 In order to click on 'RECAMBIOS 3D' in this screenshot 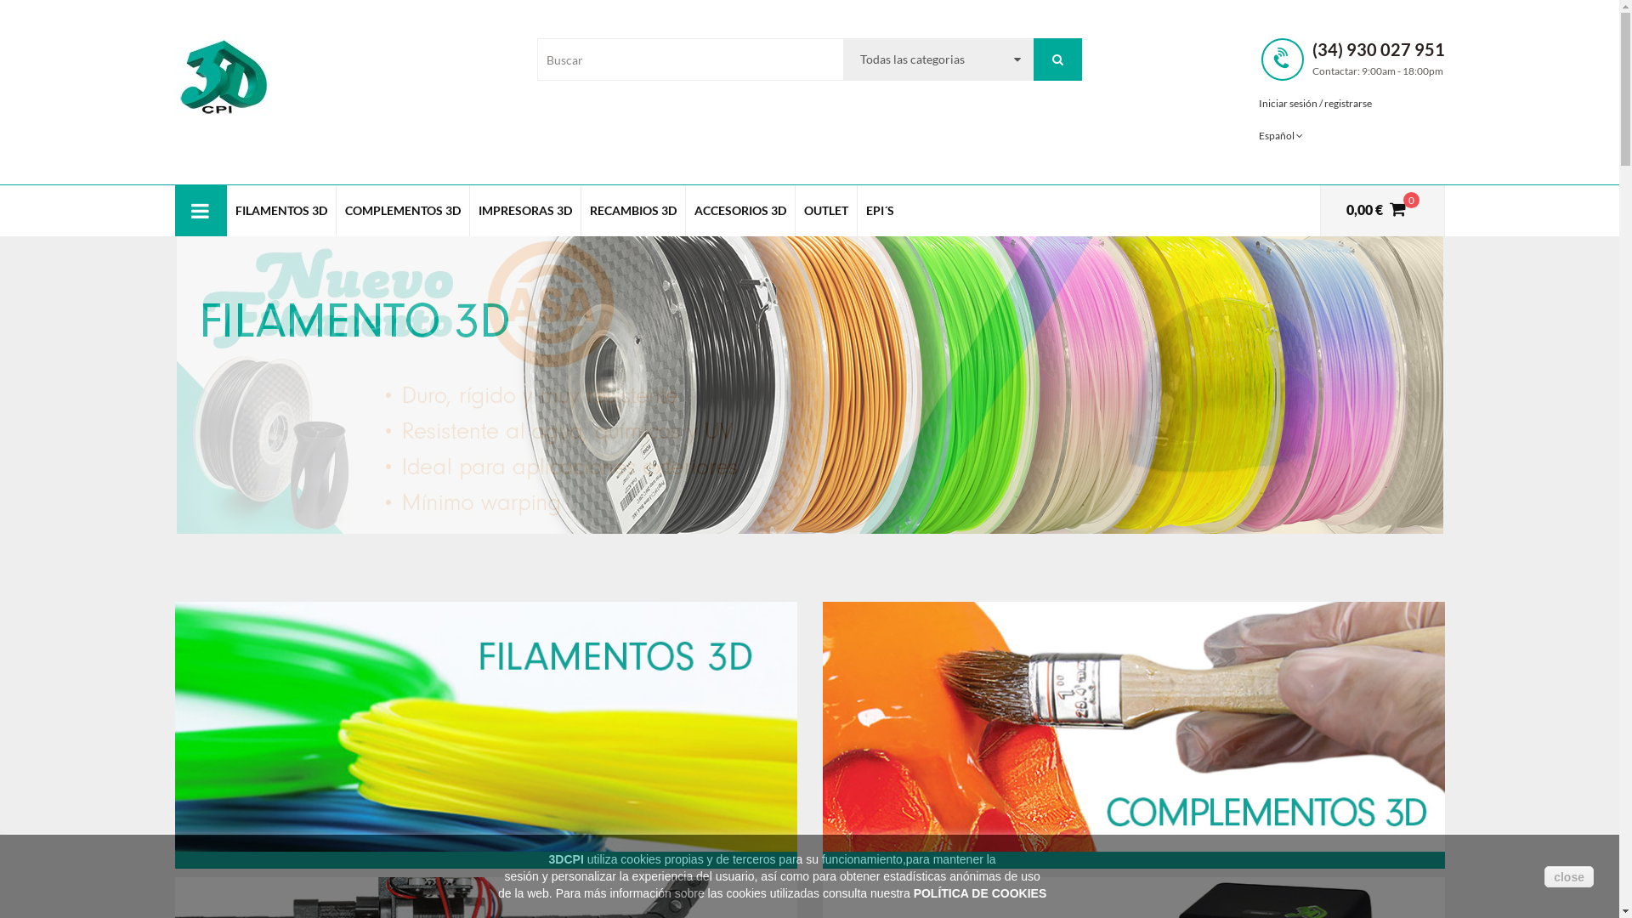, I will do `click(632, 209)`.